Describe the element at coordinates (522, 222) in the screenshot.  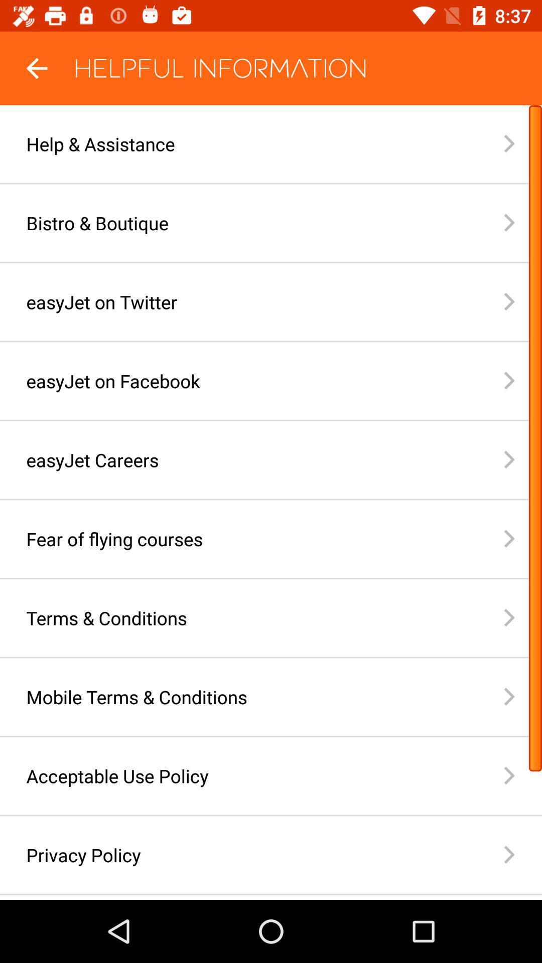
I see `the next button which is after bistro  boutique on the page` at that location.